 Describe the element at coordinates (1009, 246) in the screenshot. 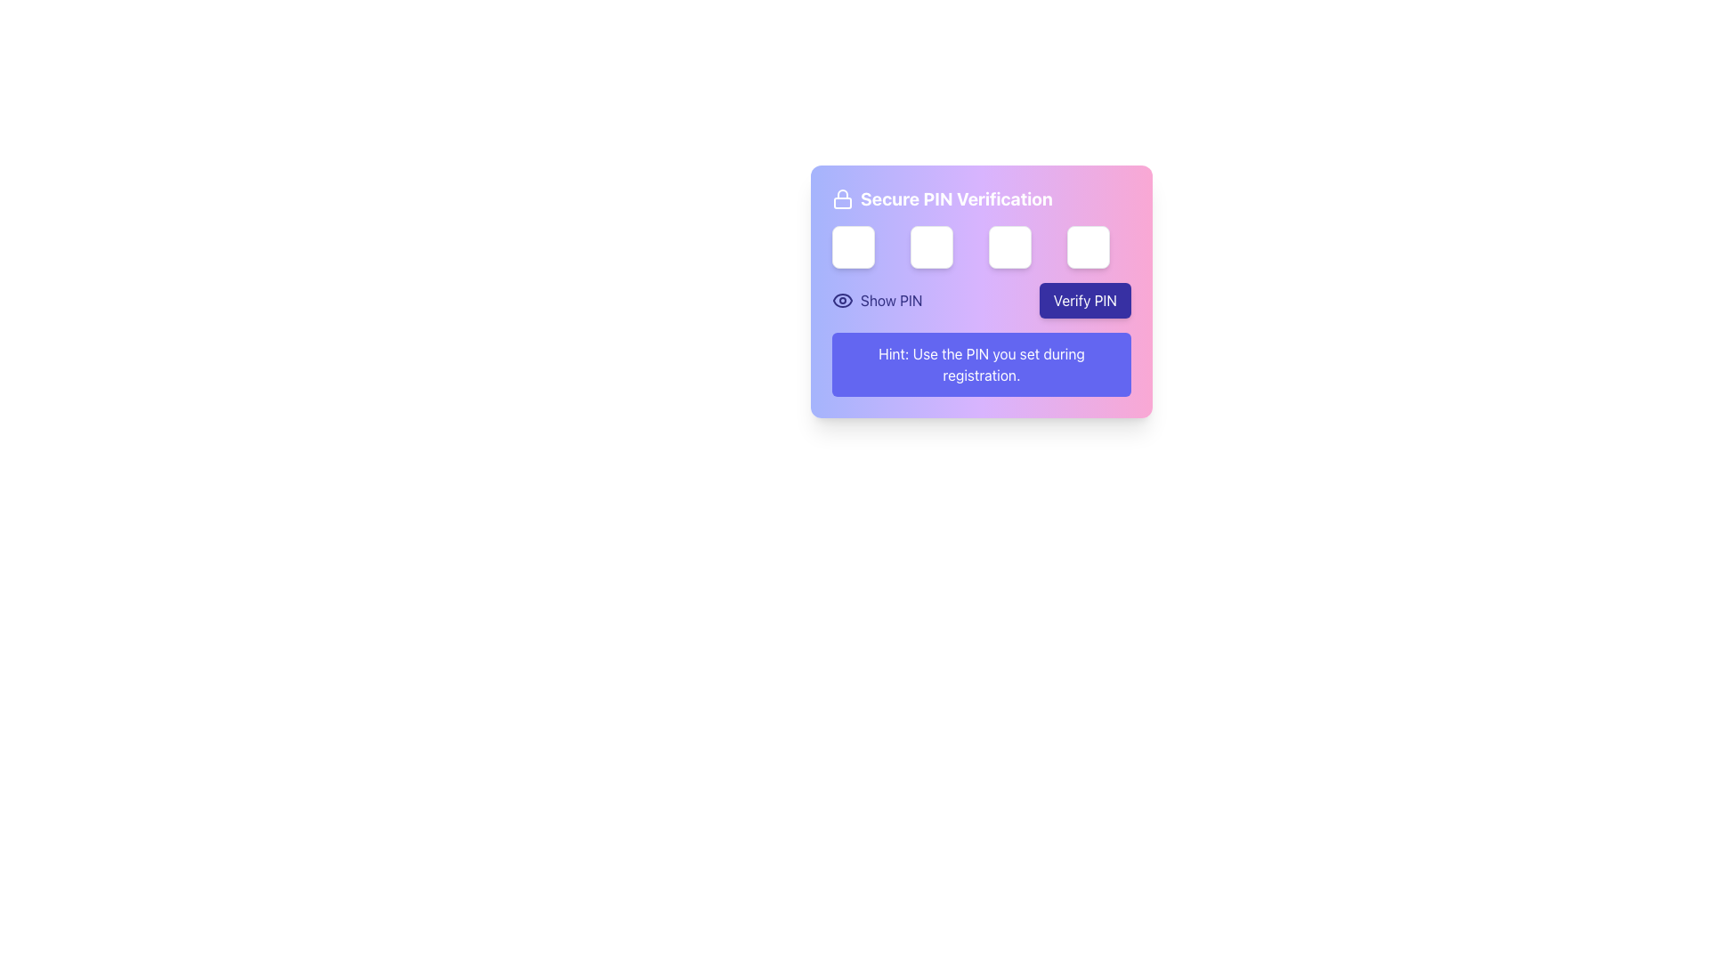

I see `the Password input field for PIN verification located in the middle-right section of the grid titled 'Secure PIN Verification'` at that location.